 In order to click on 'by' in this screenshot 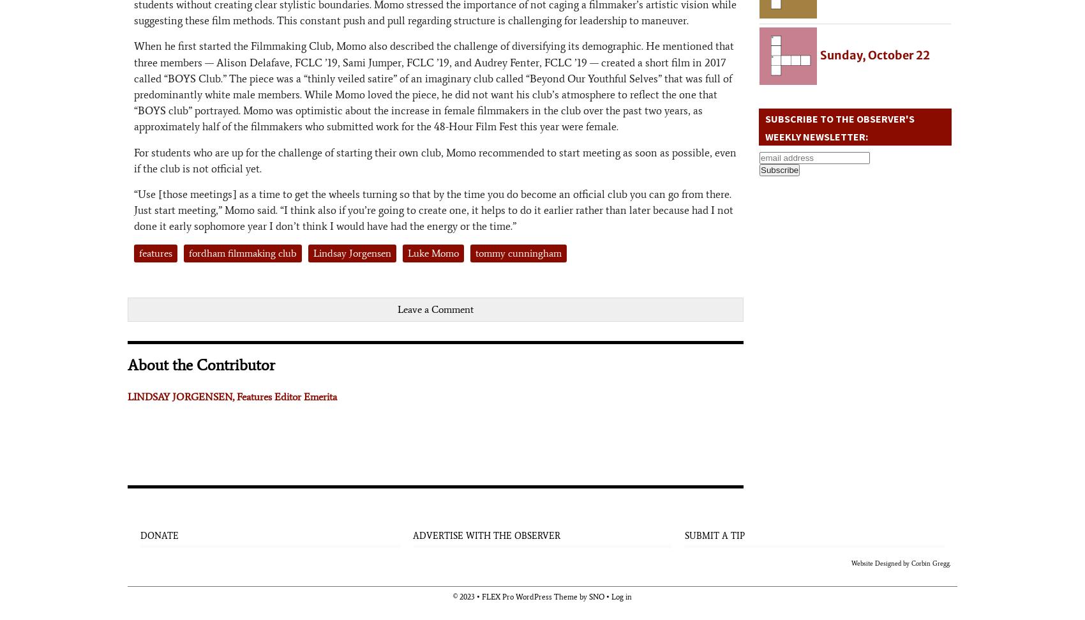, I will do `click(583, 596)`.